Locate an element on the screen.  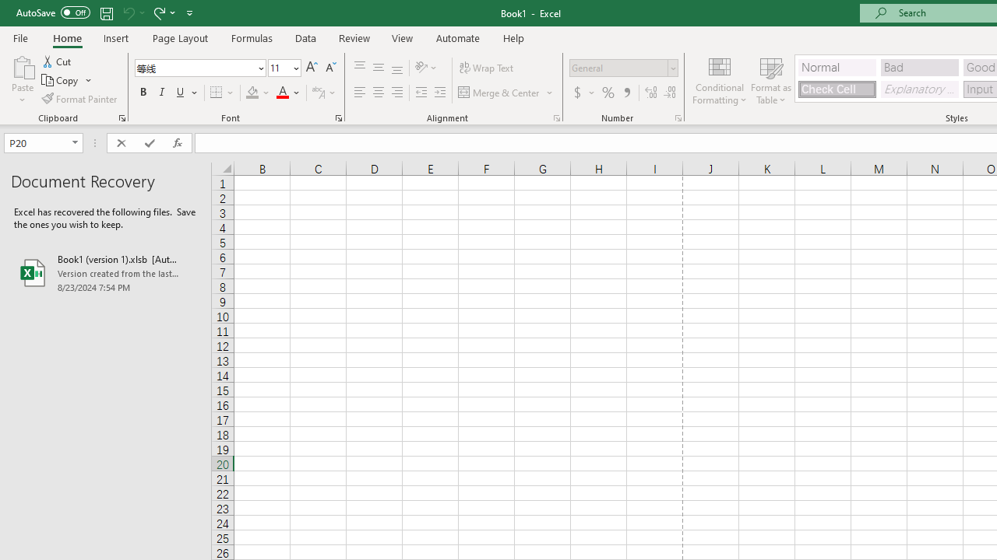
'Bold' is located at coordinates (143, 93).